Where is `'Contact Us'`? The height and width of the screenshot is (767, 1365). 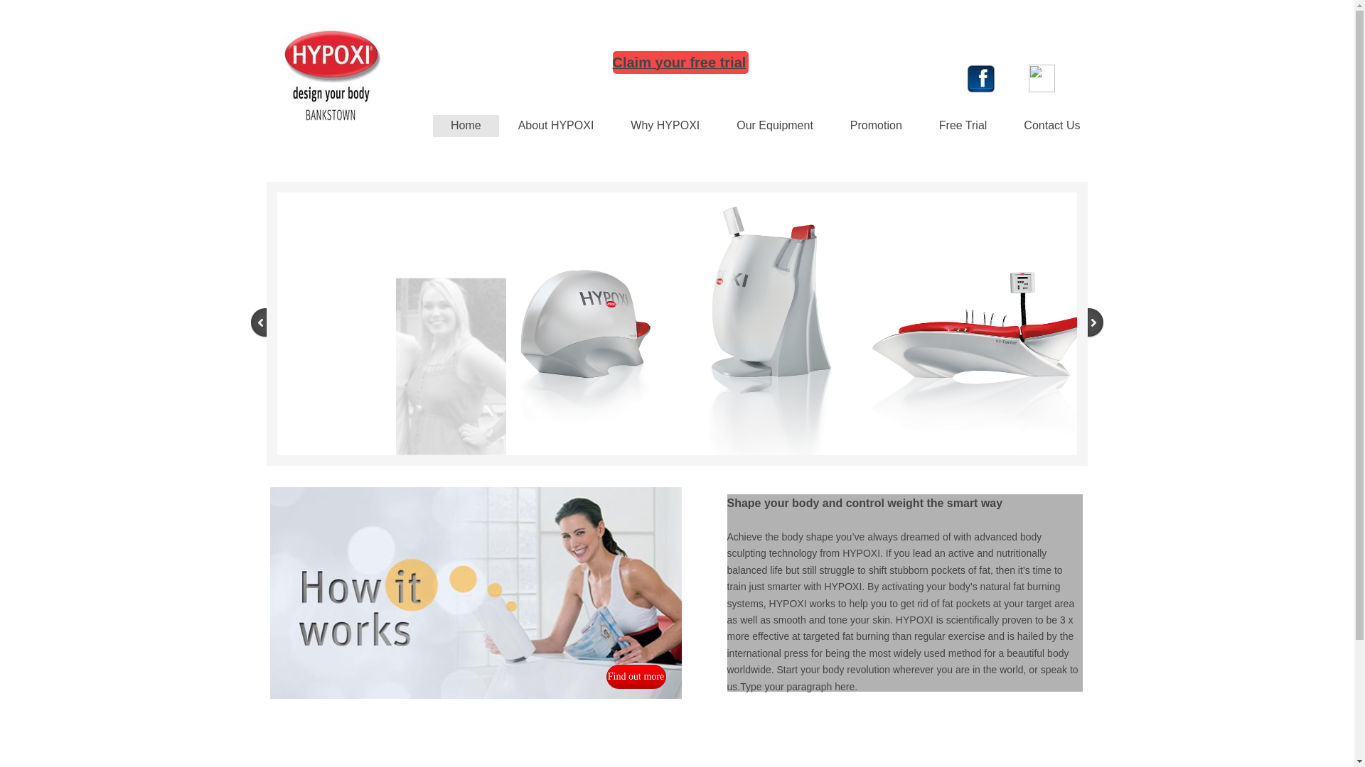 'Contact Us' is located at coordinates (1005, 125).